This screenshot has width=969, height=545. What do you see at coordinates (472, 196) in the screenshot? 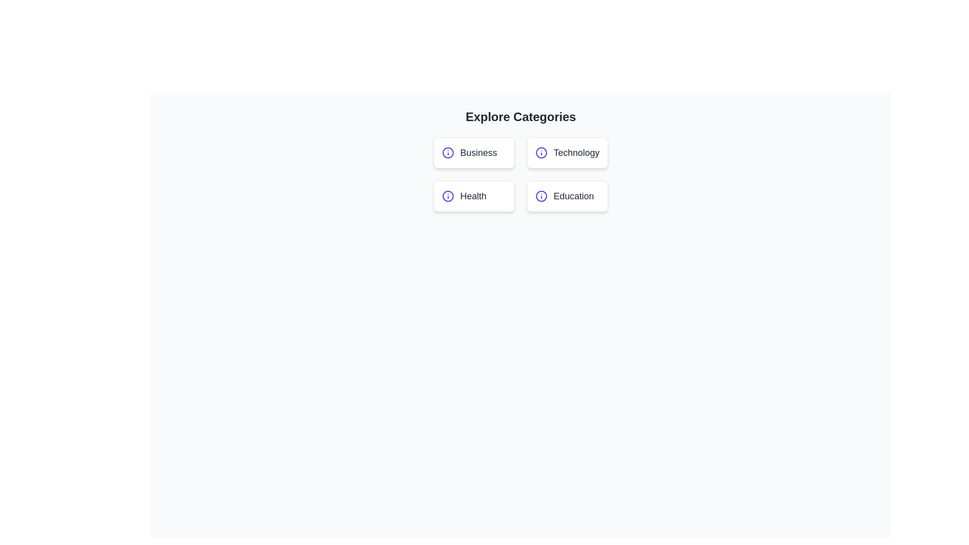
I see `text content of the 'Health' text label that is styled in a medium-sized gray font and located within the 'Health' category card under 'Explore Categories'` at bounding box center [472, 196].